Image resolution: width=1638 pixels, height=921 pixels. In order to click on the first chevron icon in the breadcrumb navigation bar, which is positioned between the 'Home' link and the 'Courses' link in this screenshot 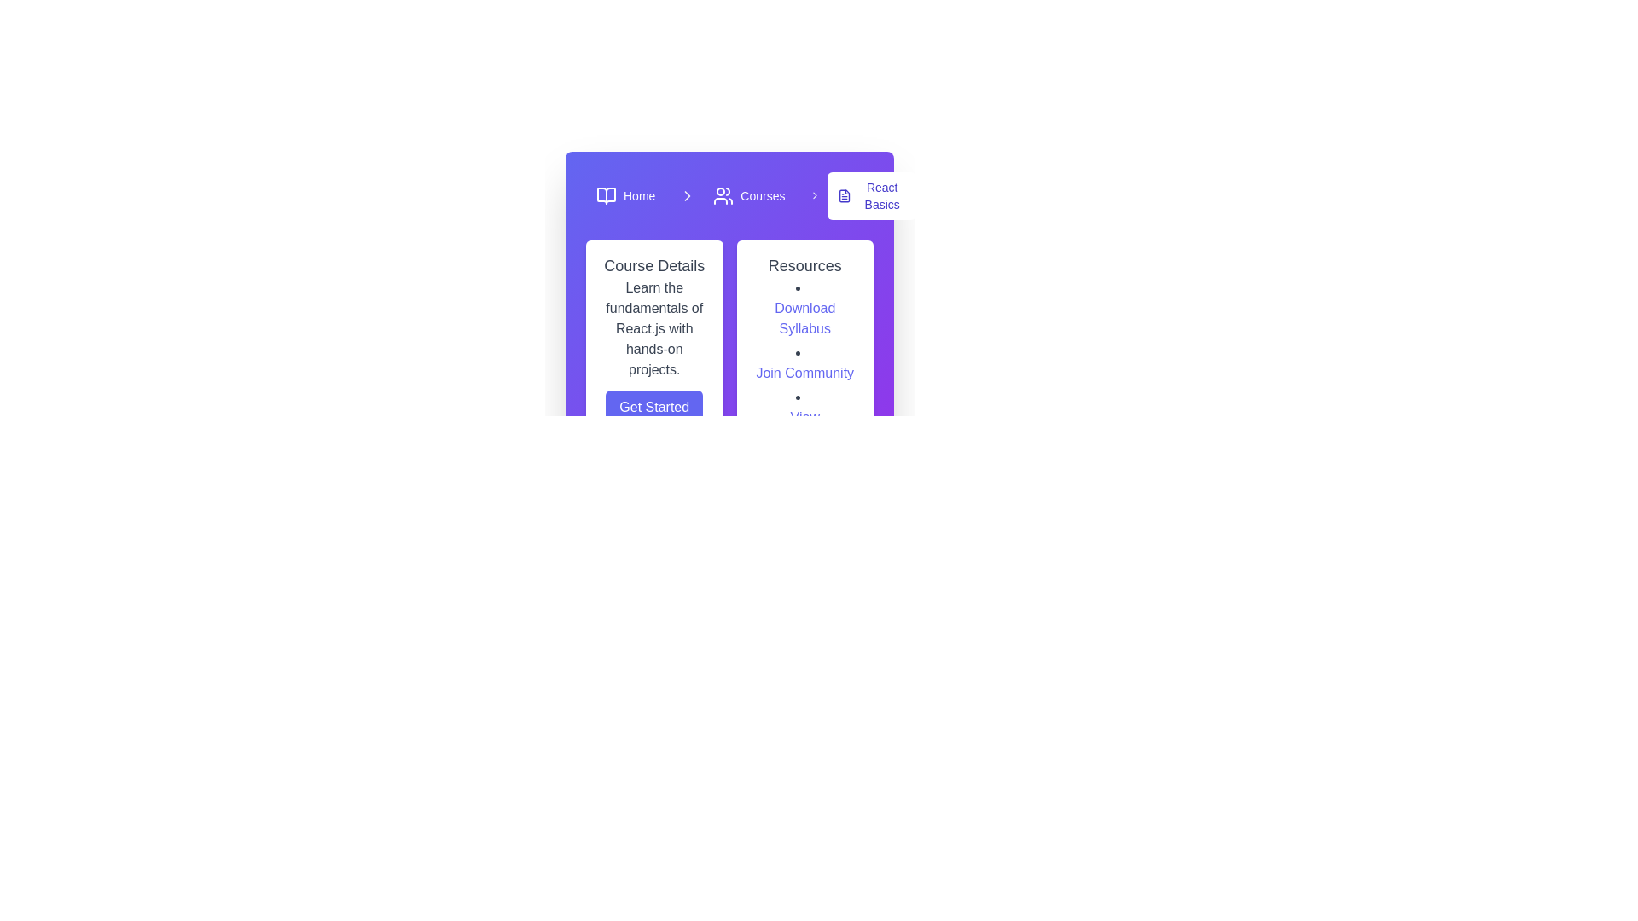, I will do `click(688, 195)`.